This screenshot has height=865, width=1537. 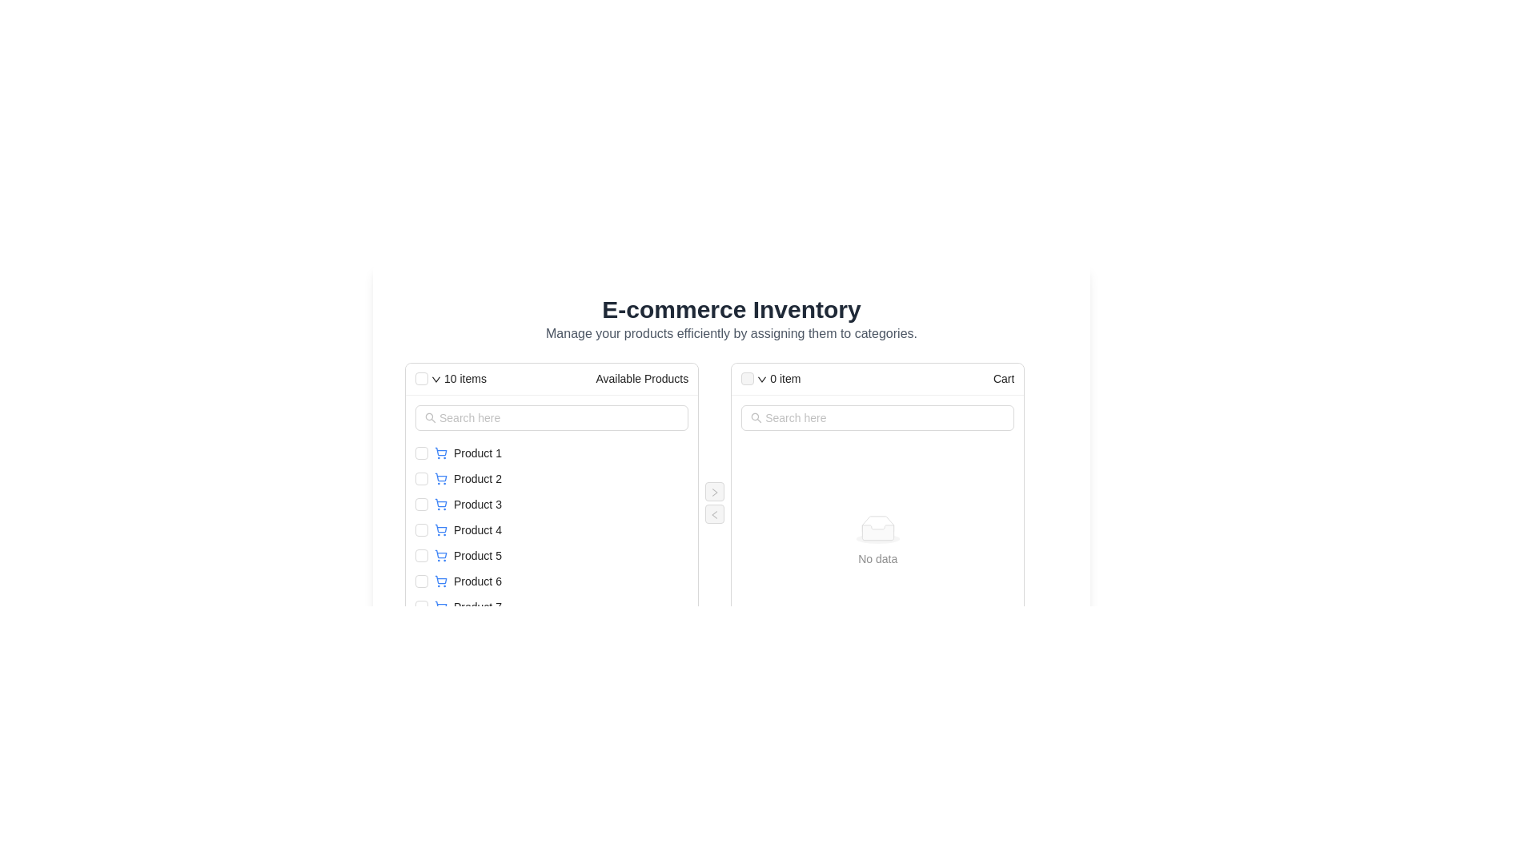 What do you see at coordinates (422, 555) in the screenshot?
I see `the checkbox styled with the 'ant-checkbox-wrapper' class` at bounding box center [422, 555].